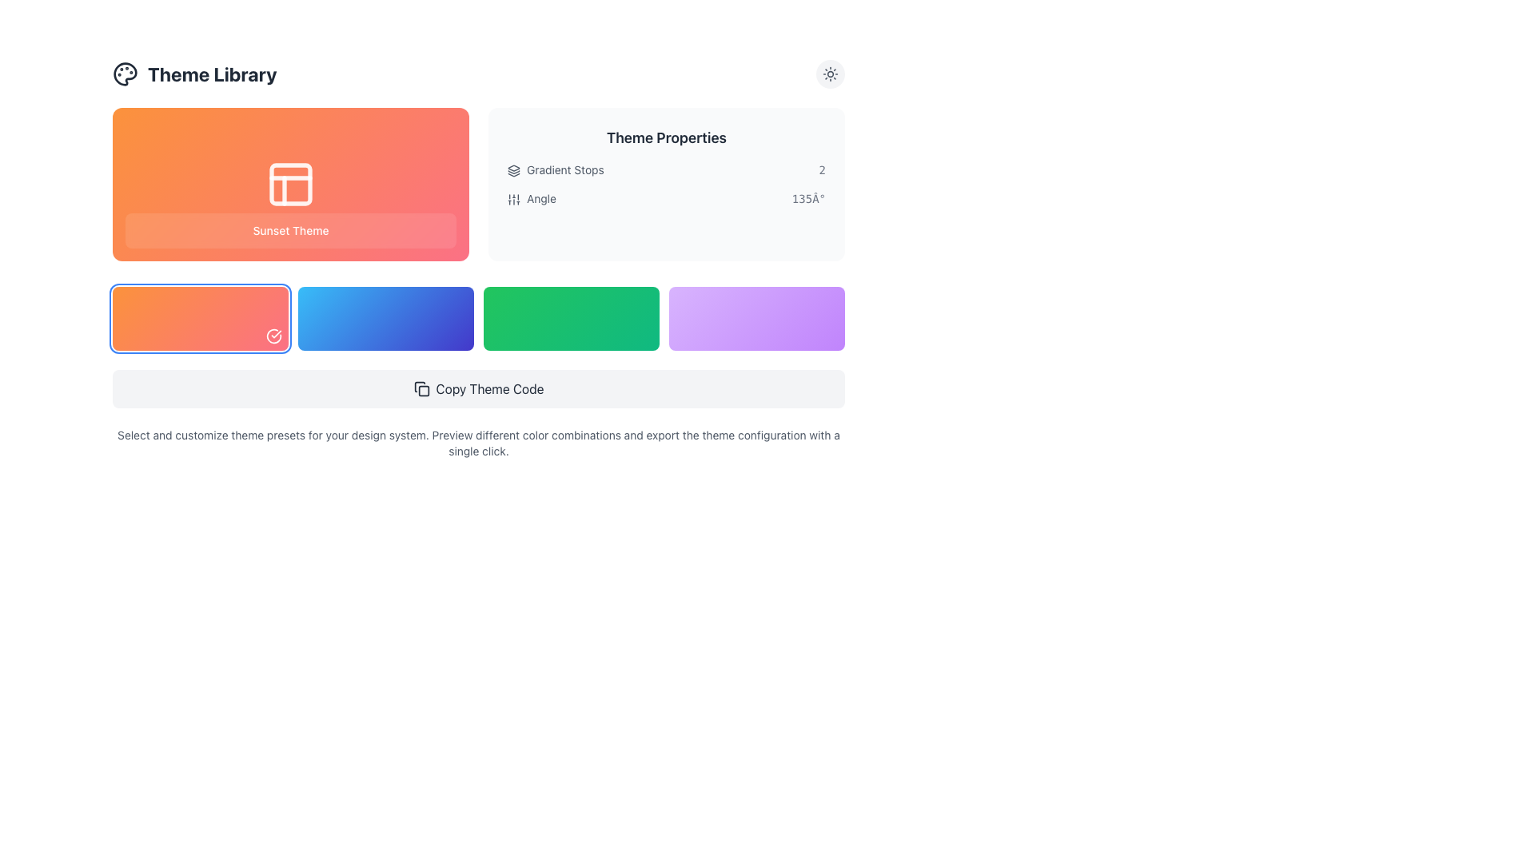 This screenshot has height=863, width=1535. What do you see at coordinates (808, 198) in the screenshot?
I see `the static text displaying '135°' in gray color, located in the second column under the 'Theme Properties' section, adjacent to the 'Angle' label` at bounding box center [808, 198].